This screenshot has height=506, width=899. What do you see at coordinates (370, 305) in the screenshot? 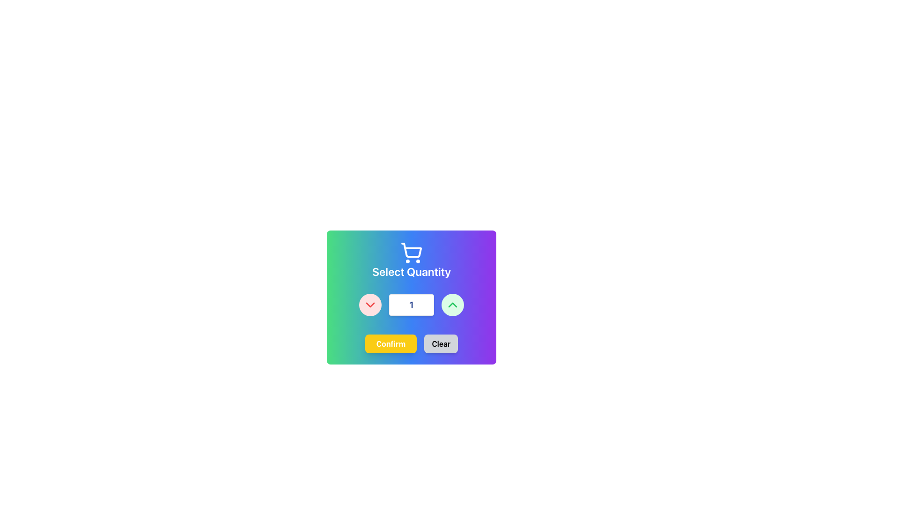
I see `the Chevron-Down icon located in the lower-left portion of the UI card inside a circular red button` at bounding box center [370, 305].